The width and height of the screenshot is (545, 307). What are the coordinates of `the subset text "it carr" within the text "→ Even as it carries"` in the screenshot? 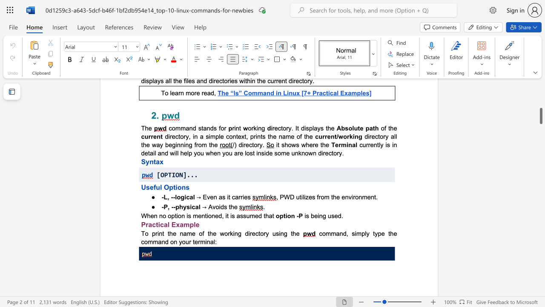 It's located at (227, 197).